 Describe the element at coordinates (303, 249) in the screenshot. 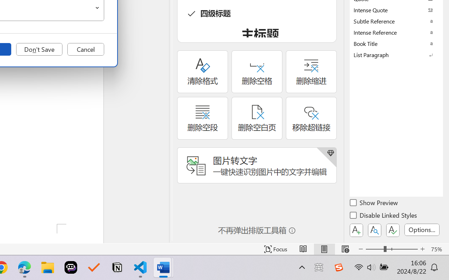

I see `'Read Mode'` at that location.